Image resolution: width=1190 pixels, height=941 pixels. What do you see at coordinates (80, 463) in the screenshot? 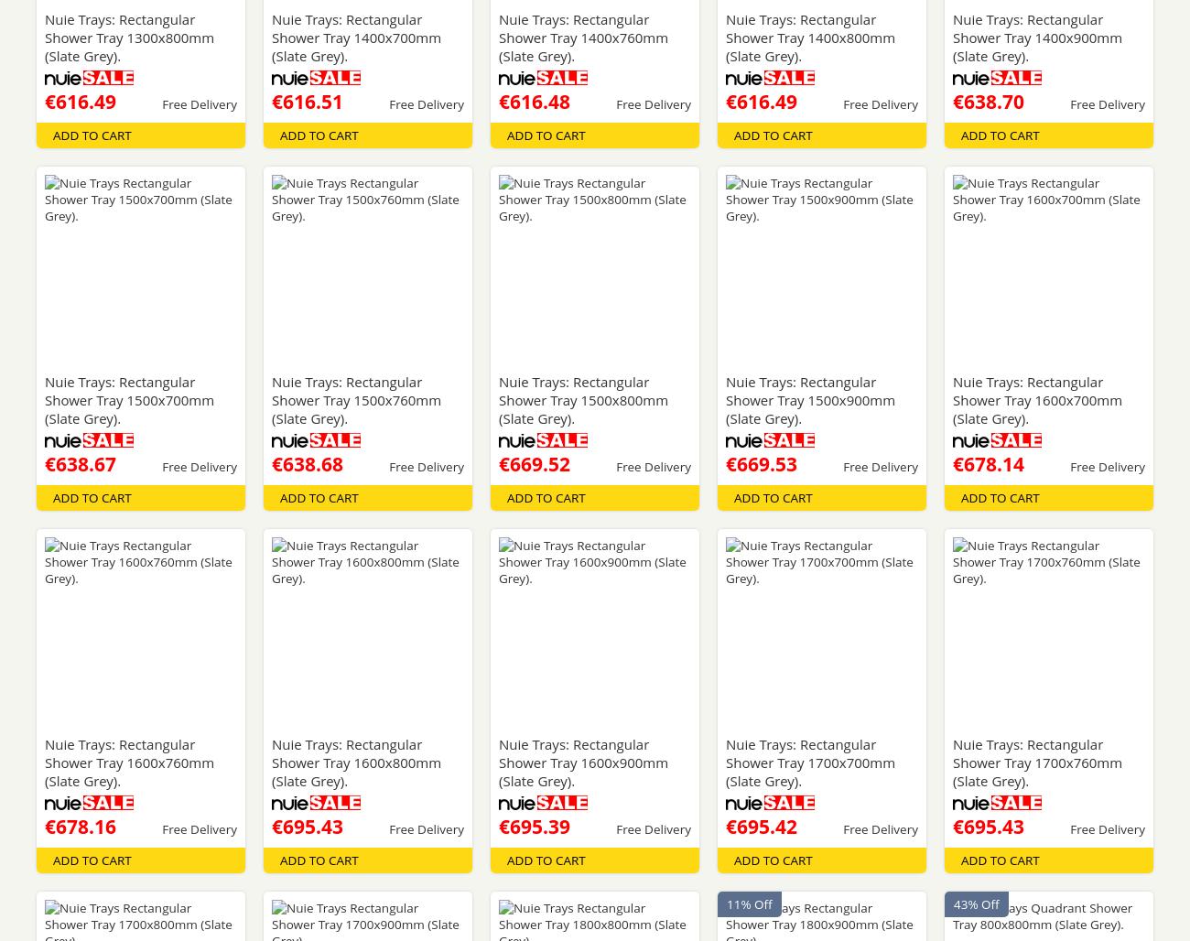
I see `'€638.67'` at bounding box center [80, 463].